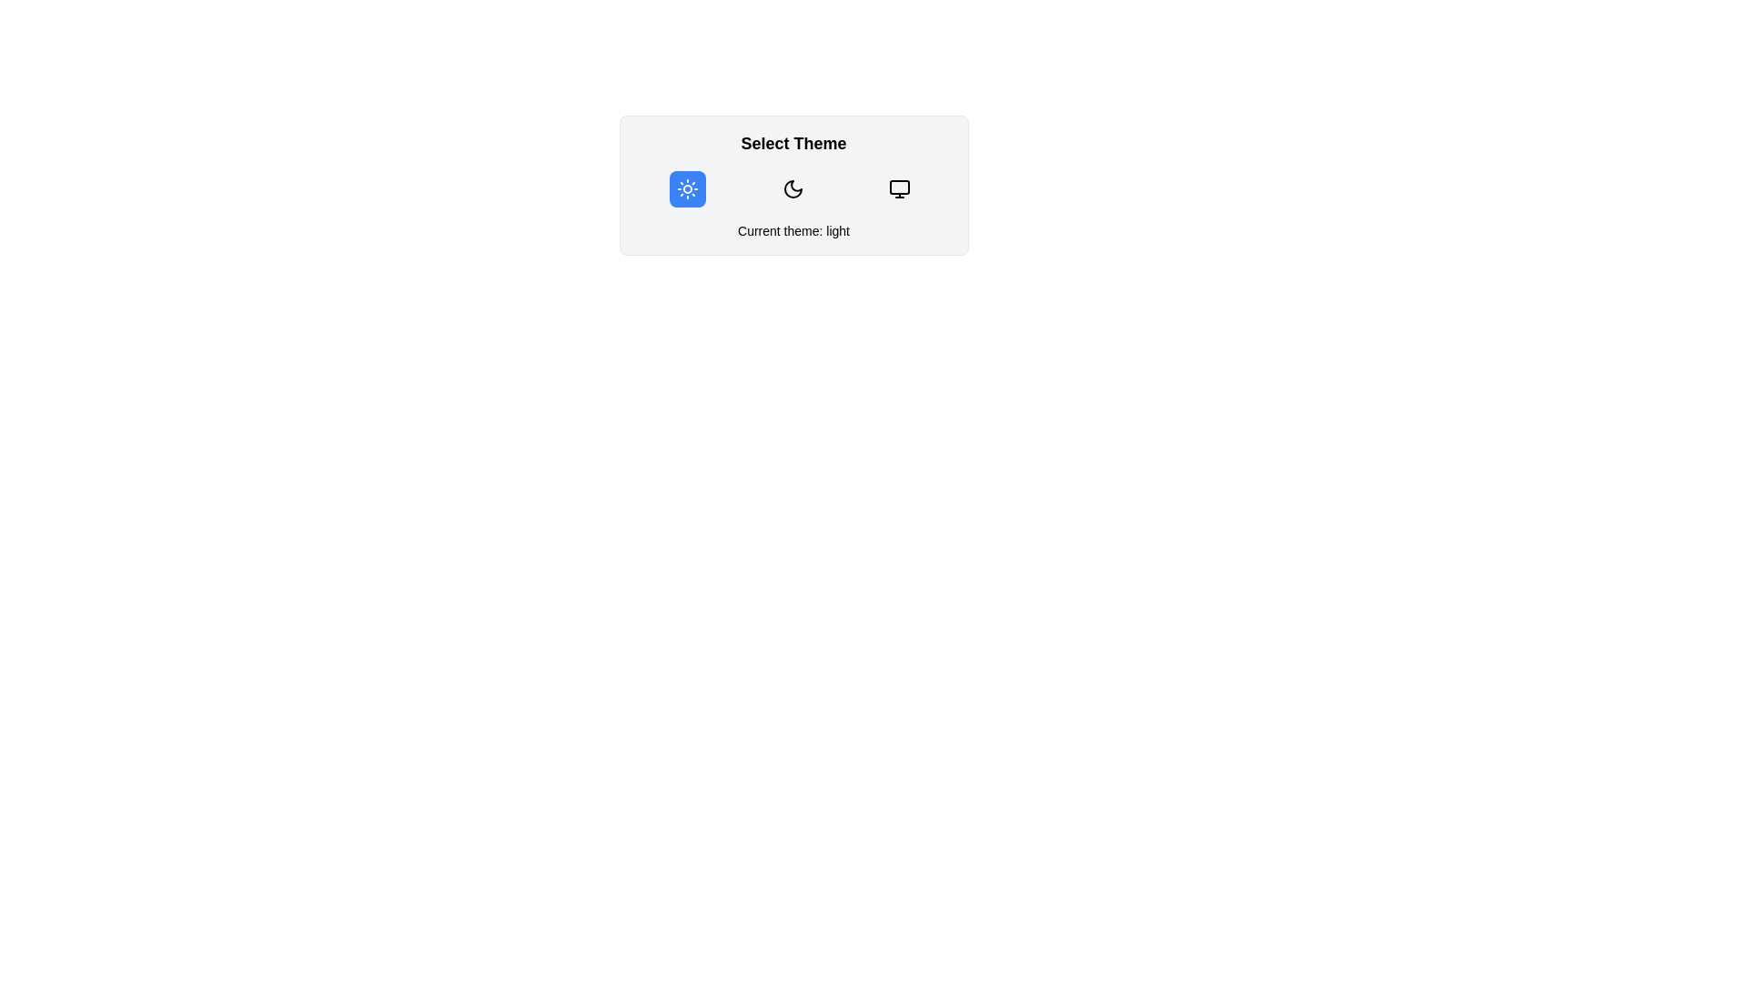 The image size is (1747, 983). Describe the element at coordinates (899, 189) in the screenshot. I see `the icon resembling a monitor with a stand, which is the third option` at that location.